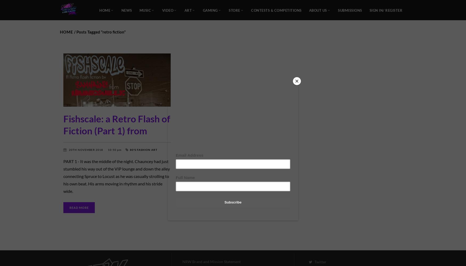  What do you see at coordinates (117, 176) in the screenshot?
I see `'PART 1 -
It was the middle of the night.

Chauncey had just stumbled his way out of the VIP lounge and down the alley connecting Spruce to Locust as he was casually strolling to his own beat. His arms moving in rhythm and his stride wide.'` at bounding box center [117, 176].